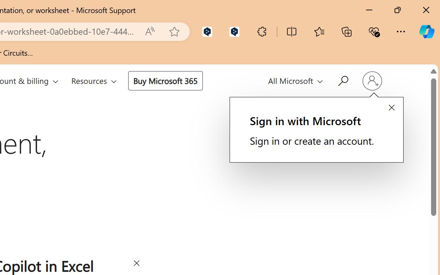 Image resolution: width=440 pixels, height=275 pixels. Describe the element at coordinates (165, 80) in the screenshot. I see `'Buy Microsoft 365'` at that location.